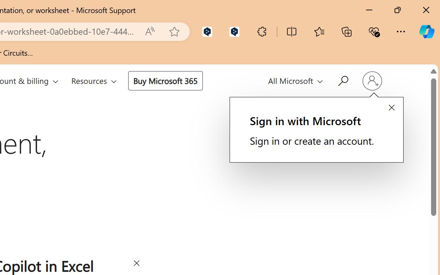 Image resolution: width=440 pixels, height=275 pixels. Describe the element at coordinates (165, 80) in the screenshot. I see `'Buy Microsoft 365'` at that location.